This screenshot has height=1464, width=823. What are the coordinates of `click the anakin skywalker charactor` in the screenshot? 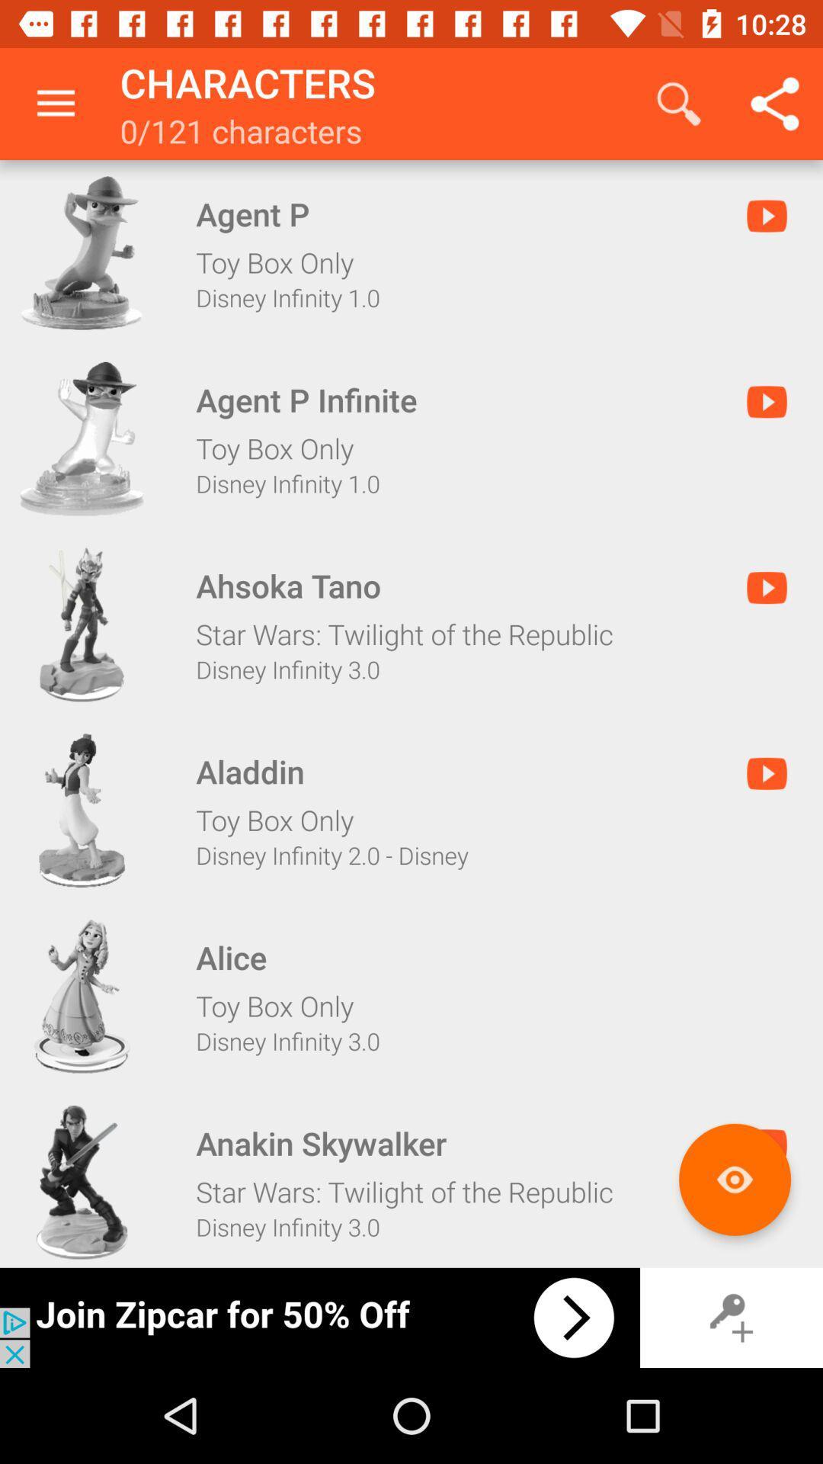 It's located at (82, 1181).